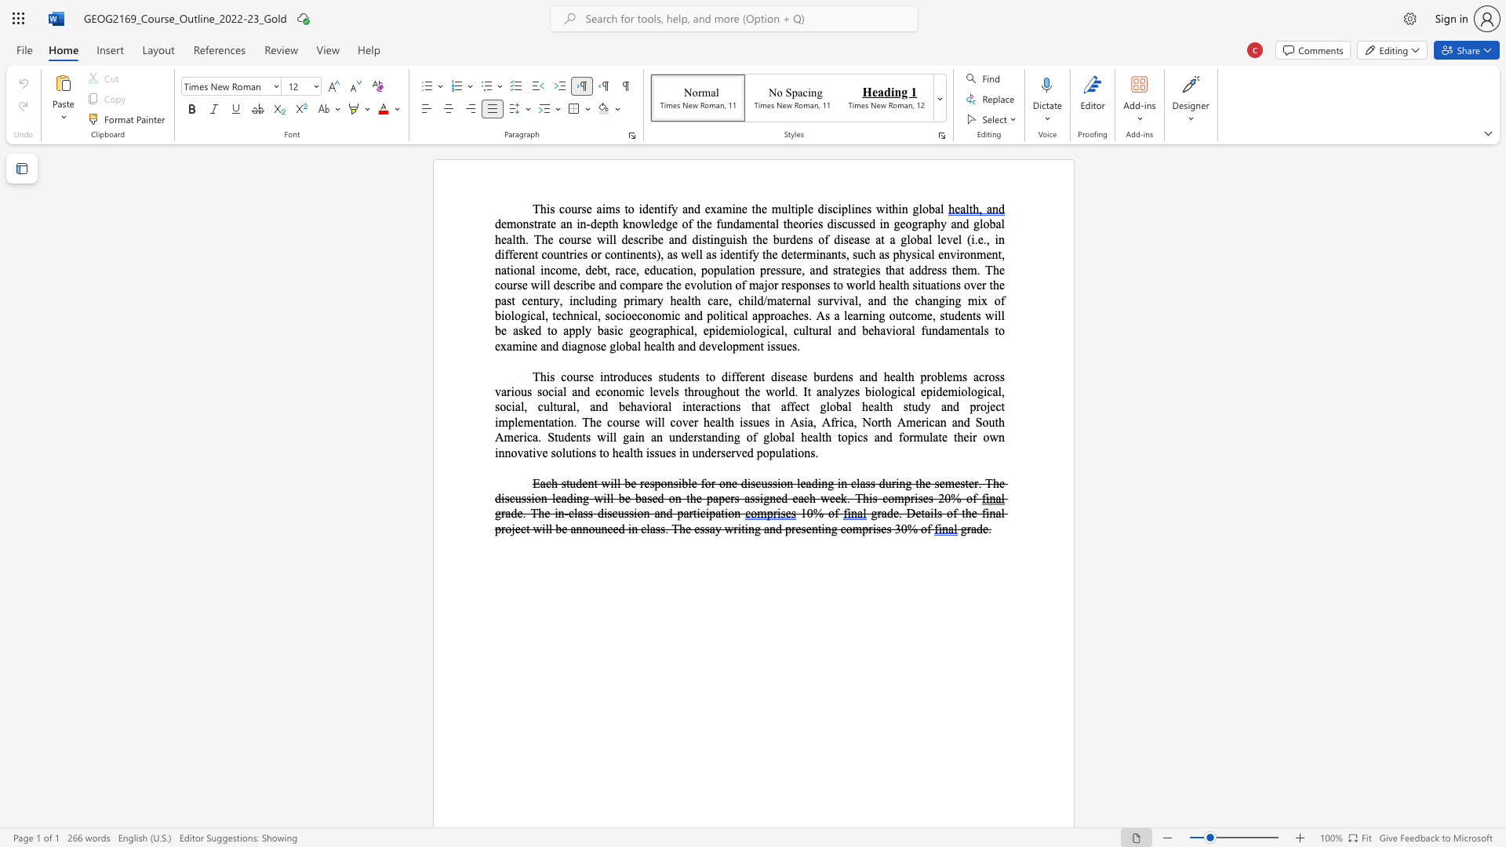  Describe the element at coordinates (583, 239) in the screenshot. I see `the 6th character "s" in the text` at that location.